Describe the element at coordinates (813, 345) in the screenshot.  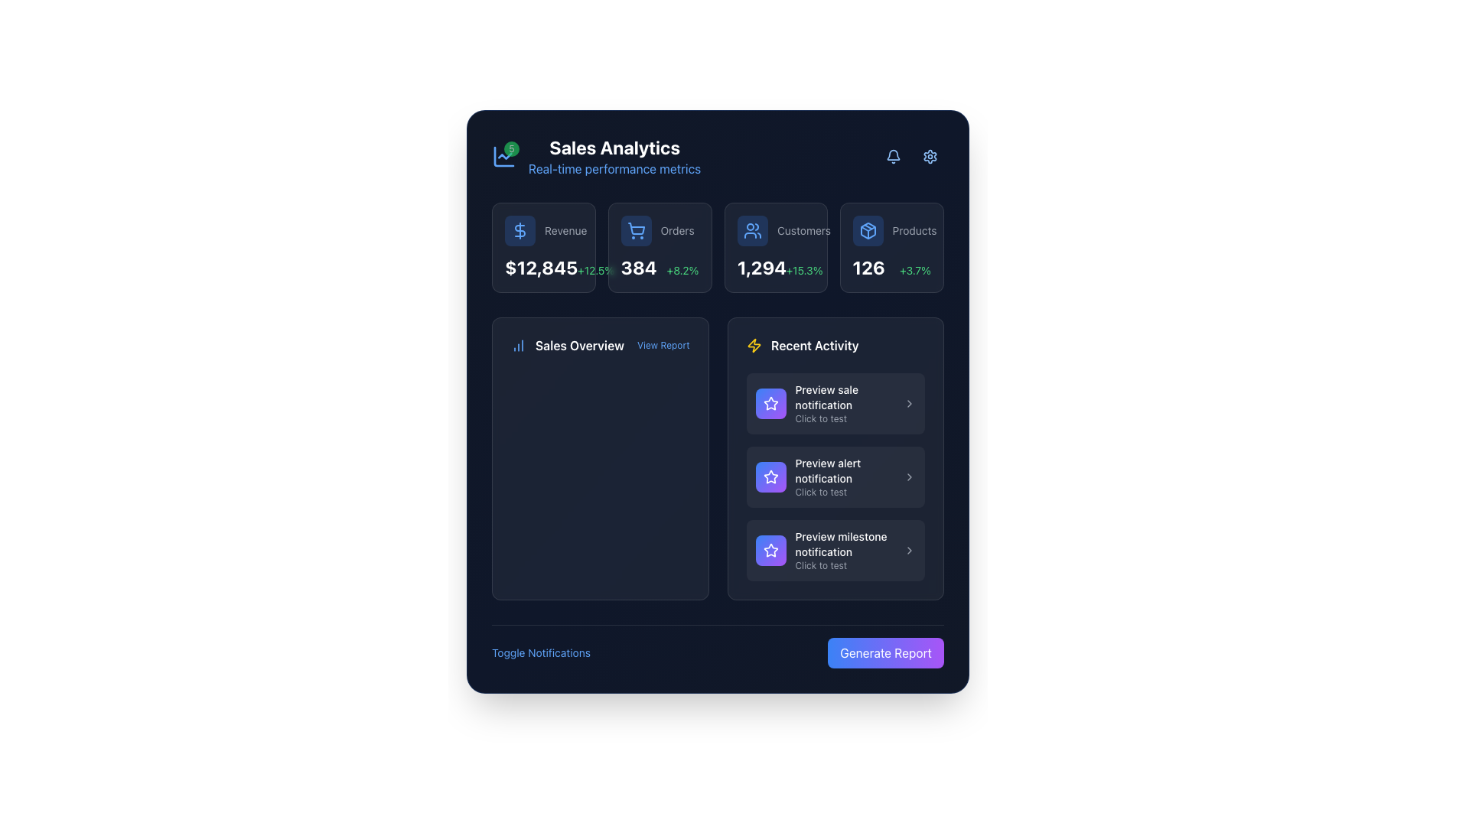
I see `the 'Recent Activity' text label, which serves as a header for the section located in the card under 'Sales Analytics' on the right-hand side of the interface` at that location.